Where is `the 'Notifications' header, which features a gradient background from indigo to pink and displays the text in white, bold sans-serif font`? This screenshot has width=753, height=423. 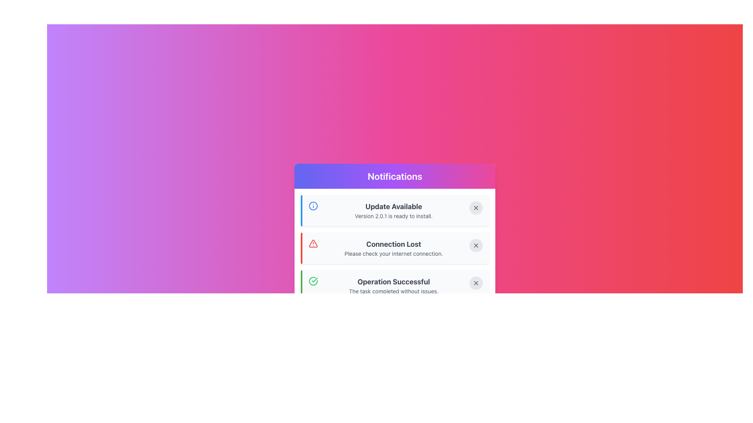 the 'Notifications' header, which features a gradient background from indigo to pink and displays the text in white, bold sans-serif font is located at coordinates (395, 176).